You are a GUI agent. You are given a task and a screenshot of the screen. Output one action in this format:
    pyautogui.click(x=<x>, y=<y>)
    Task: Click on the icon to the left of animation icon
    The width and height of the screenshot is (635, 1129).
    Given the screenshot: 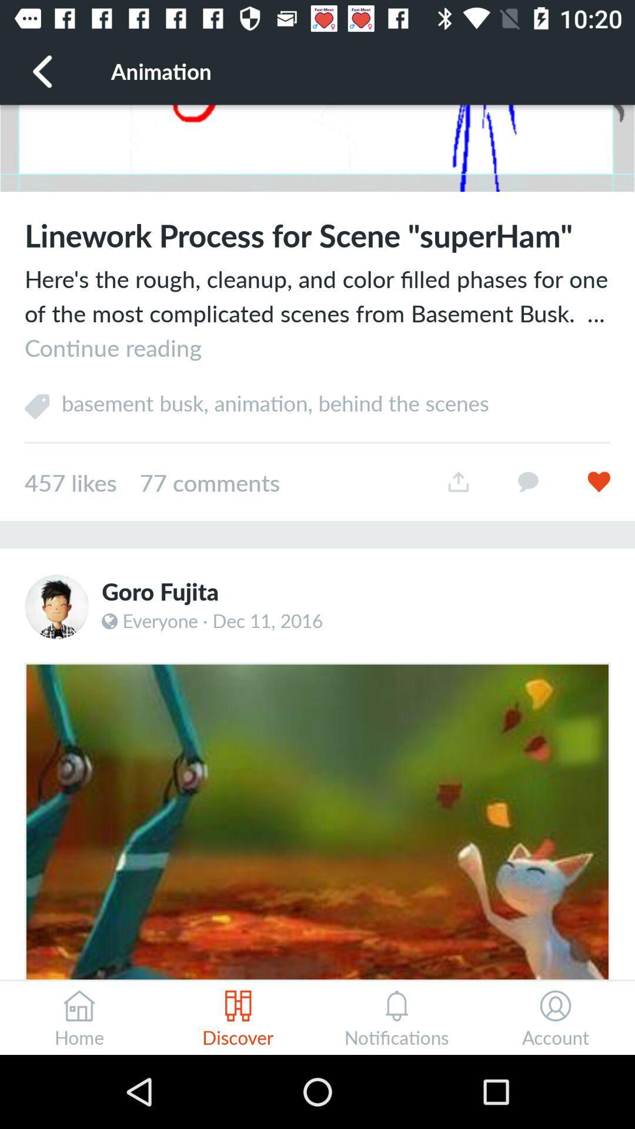 What is the action you would take?
    pyautogui.click(x=42, y=70)
    